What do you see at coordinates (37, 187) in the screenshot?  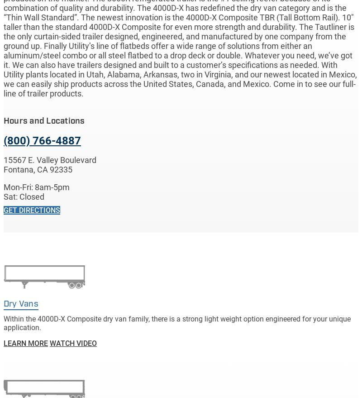 I see `'Mon-Fri: 8am-5pm'` at bounding box center [37, 187].